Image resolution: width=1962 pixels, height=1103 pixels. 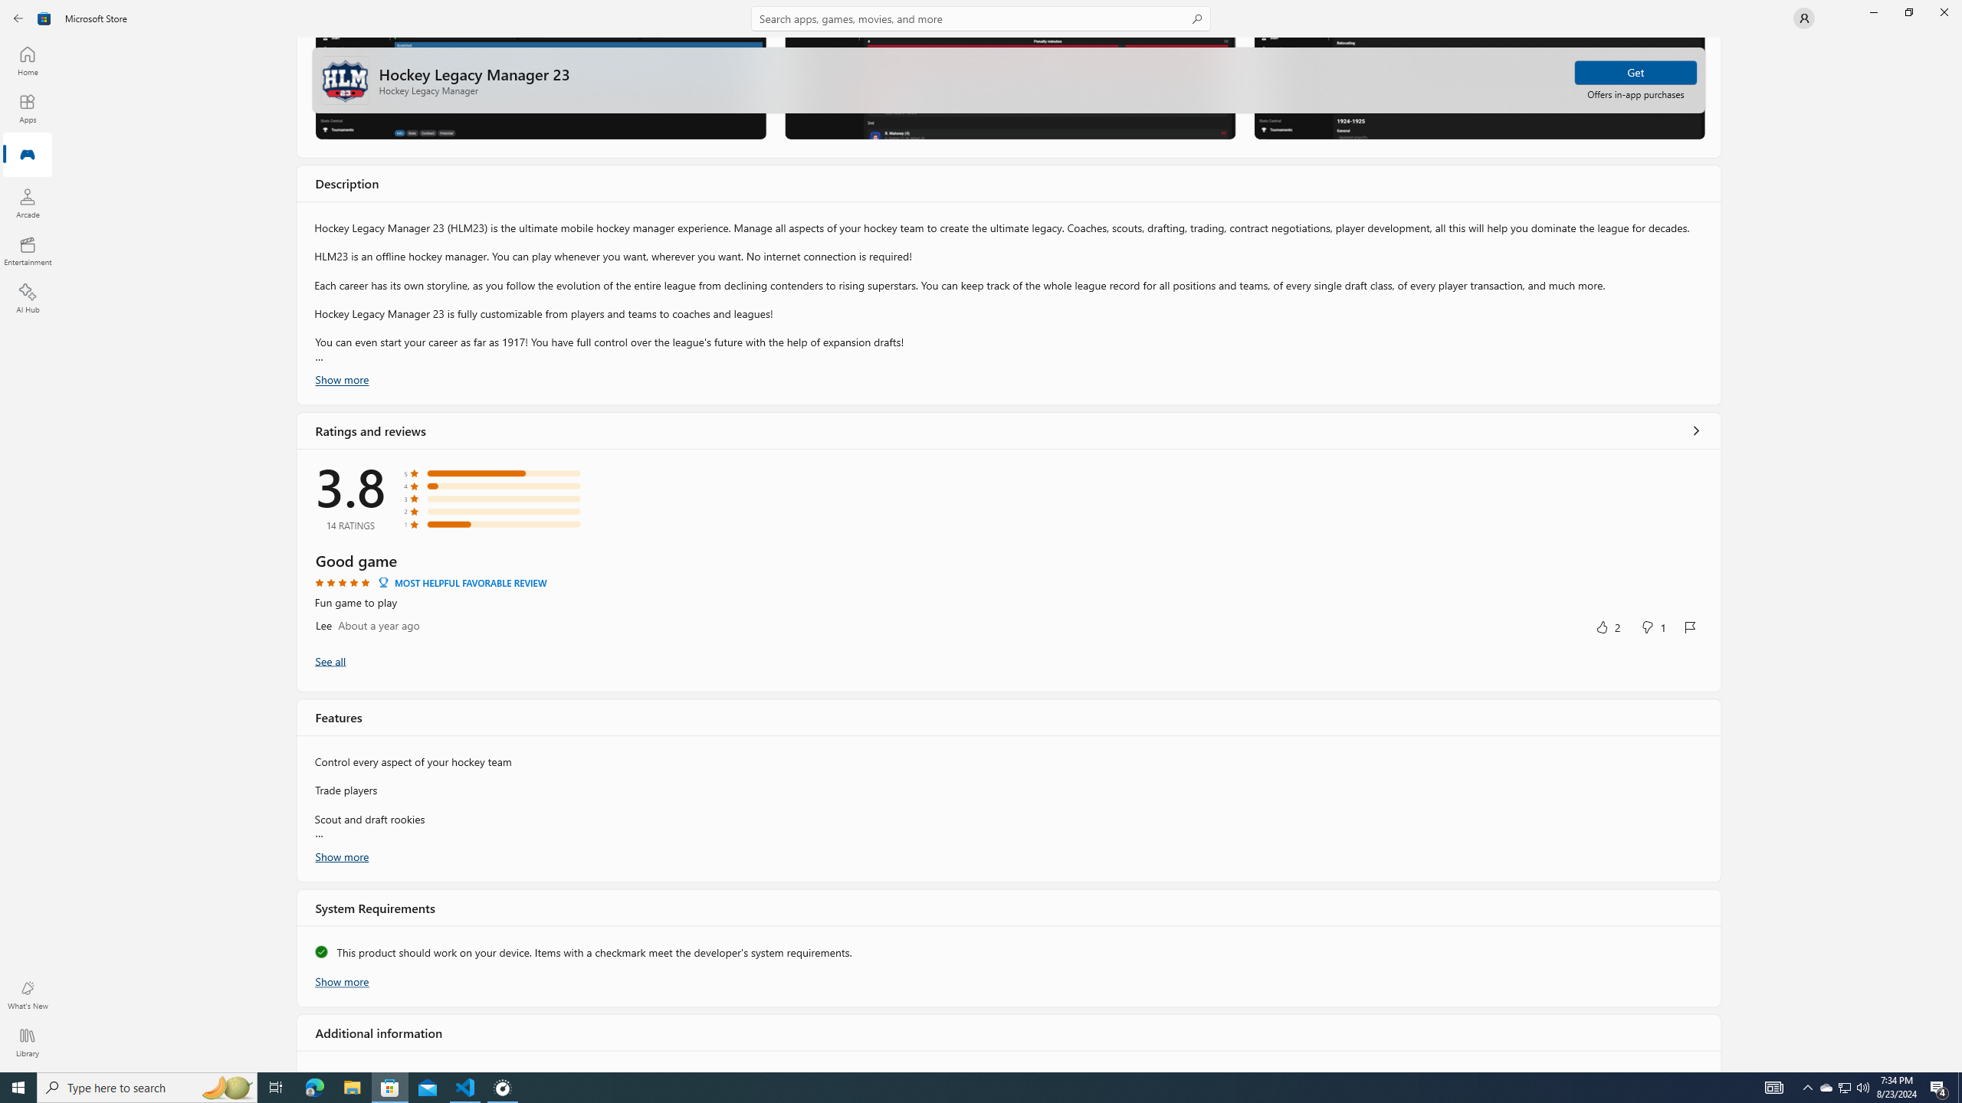 What do you see at coordinates (1009, 87) in the screenshot?
I see `'Screenshot 2'` at bounding box center [1009, 87].